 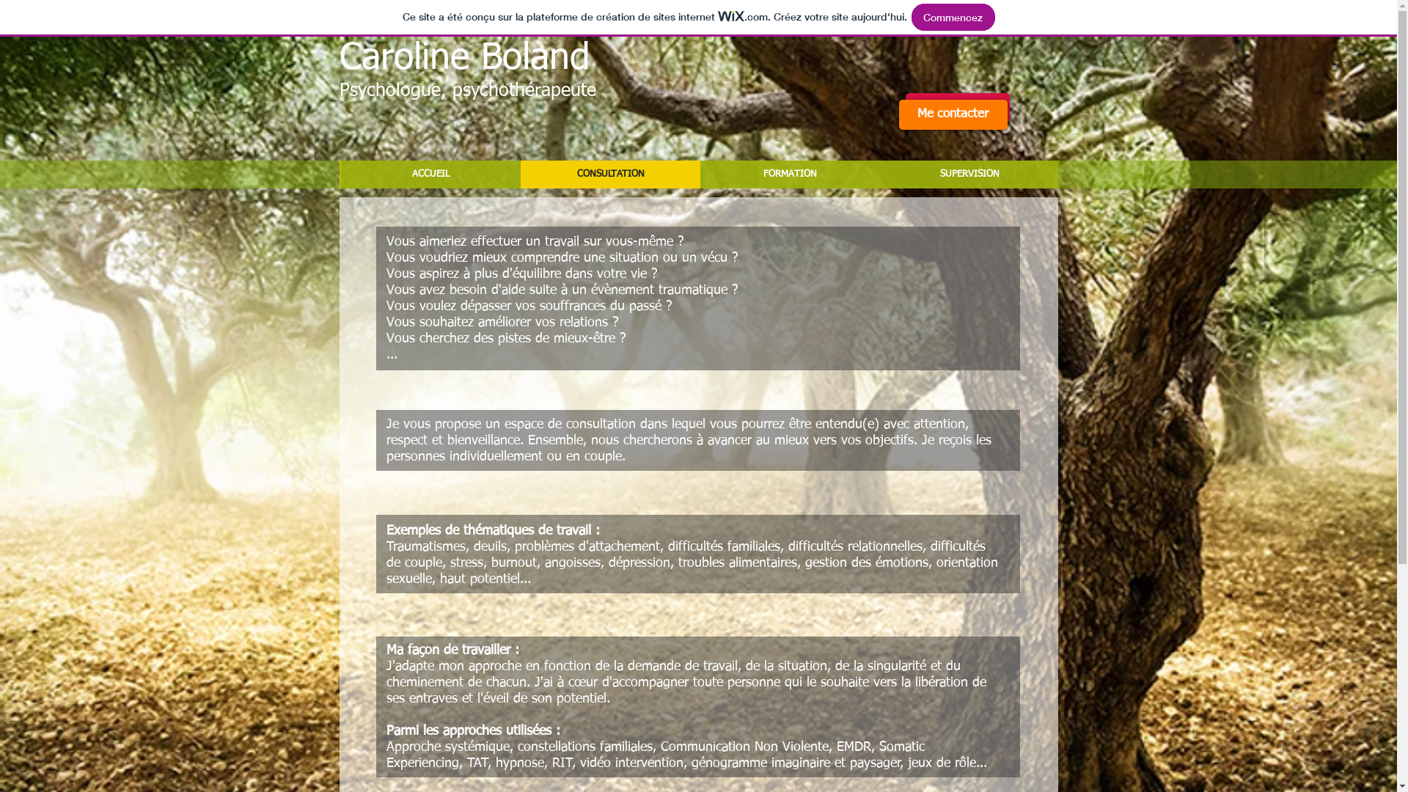 What do you see at coordinates (969, 174) in the screenshot?
I see `'SUPERVISION'` at bounding box center [969, 174].